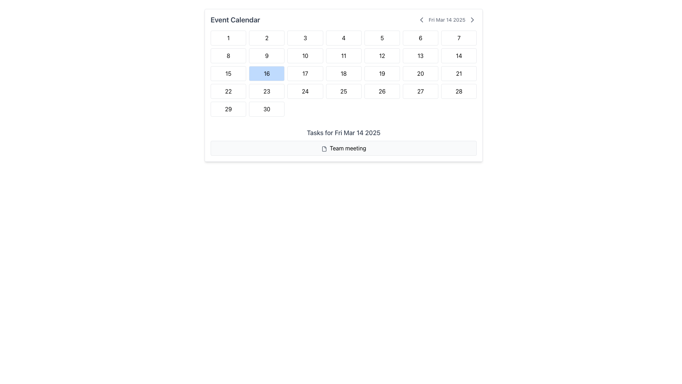 This screenshot has width=682, height=384. Describe the element at coordinates (381, 74) in the screenshot. I see `the labeled display box showing the number '19' located in the third row and fifth column under the 'Event Calendar' header` at that location.